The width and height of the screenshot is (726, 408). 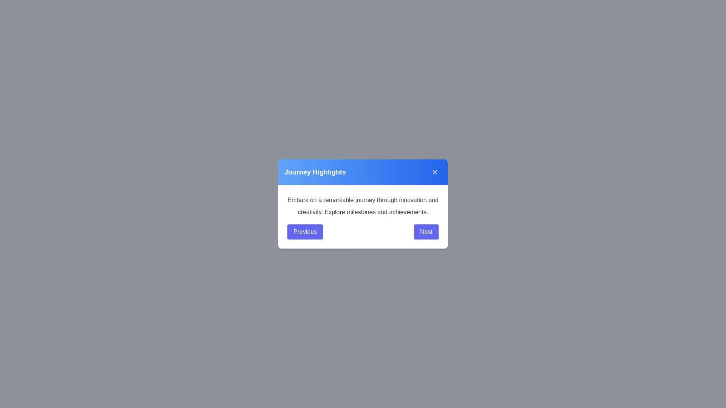 What do you see at coordinates (435, 172) in the screenshot?
I see `the close button (SVG icon) located in the top-right corner of the 'Journey Highlights' dialog box to change its color` at bounding box center [435, 172].